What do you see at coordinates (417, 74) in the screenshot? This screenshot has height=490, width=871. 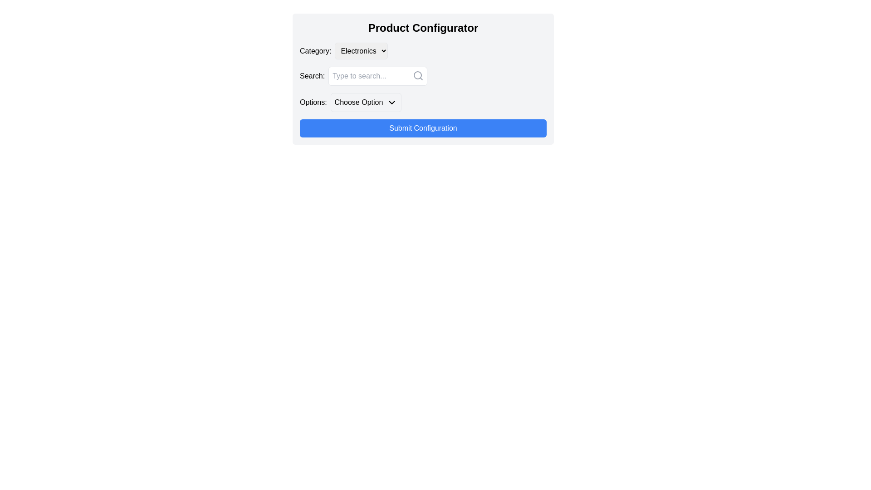 I see `the circular SVG component of the search icon located in the top-right corner of the 'Search:' input field` at bounding box center [417, 74].